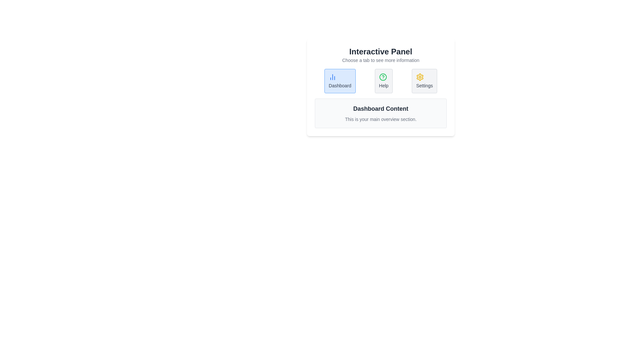 The image size is (633, 356). What do you see at coordinates (383, 77) in the screenshot?
I see `the 'Help' button which is represented by the decorative circle located centrally within the button layout` at bounding box center [383, 77].